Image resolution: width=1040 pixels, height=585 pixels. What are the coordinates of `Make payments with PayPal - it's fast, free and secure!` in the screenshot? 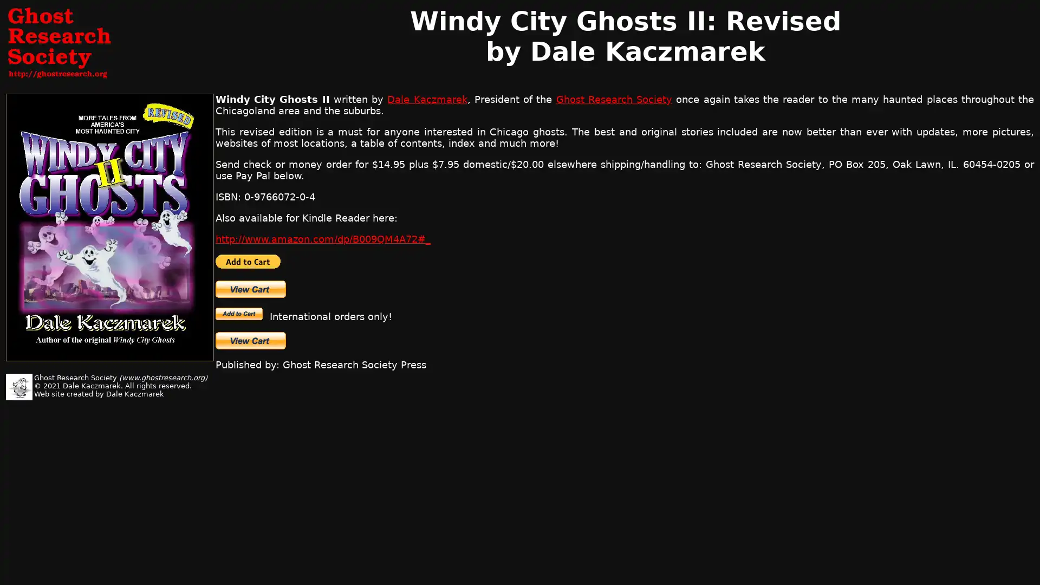 It's located at (250, 288).